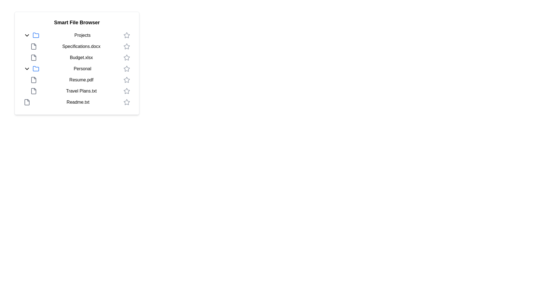 This screenshot has width=535, height=301. I want to click on the document file icon with a fold in the top-right corner, which is next, so click(33, 91).